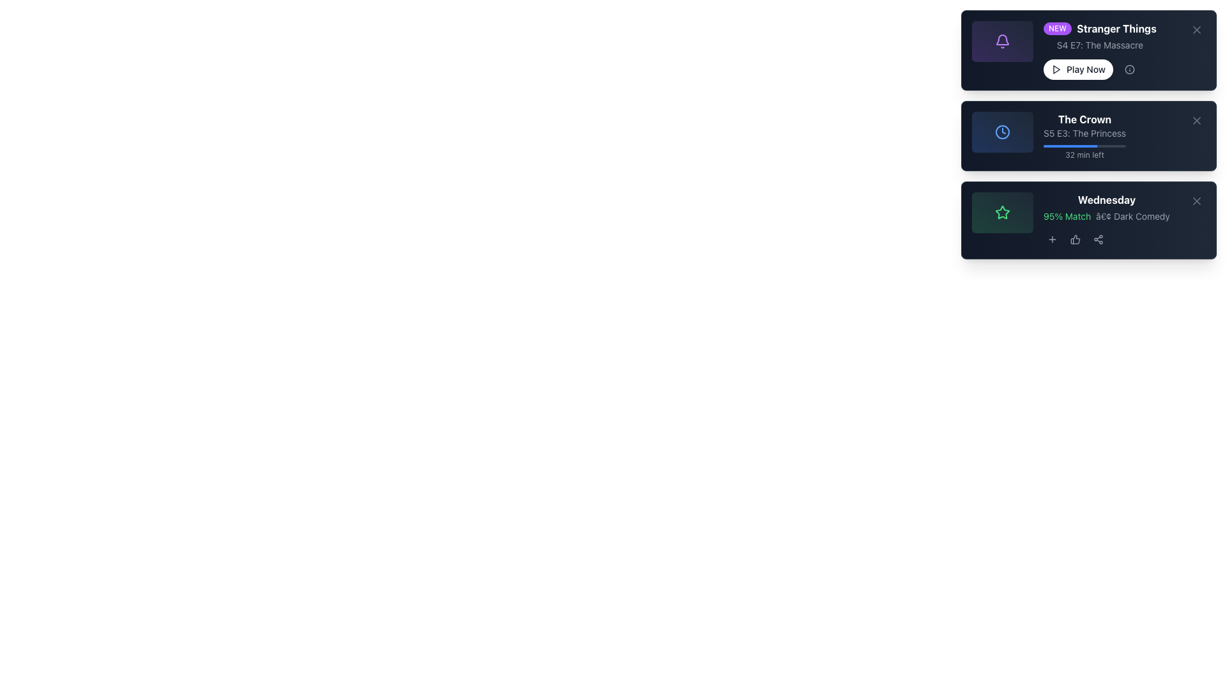 Image resolution: width=1227 pixels, height=690 pixels. Describe the element at coordinates (1002, 41) in the screenshot. I see `the notification icon located on the left edge of the 'Stranger Things' section` at that location.